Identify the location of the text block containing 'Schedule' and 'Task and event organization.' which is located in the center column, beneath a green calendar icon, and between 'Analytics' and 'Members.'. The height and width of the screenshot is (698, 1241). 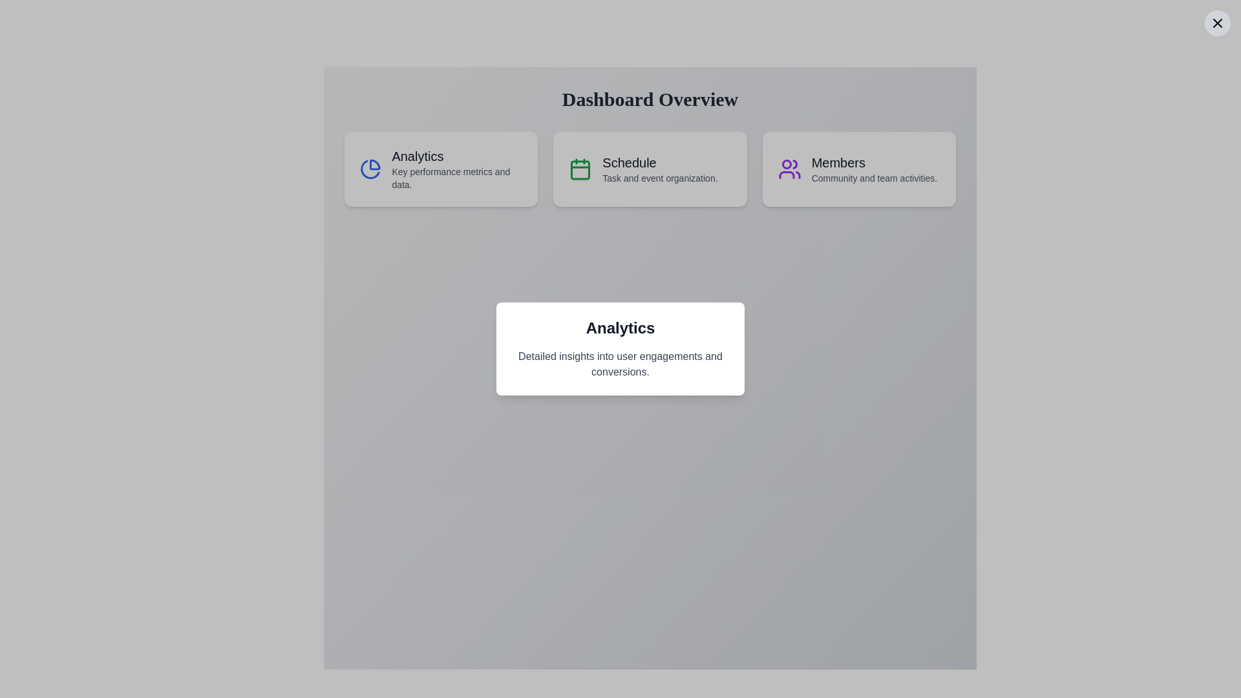
(660, 169).